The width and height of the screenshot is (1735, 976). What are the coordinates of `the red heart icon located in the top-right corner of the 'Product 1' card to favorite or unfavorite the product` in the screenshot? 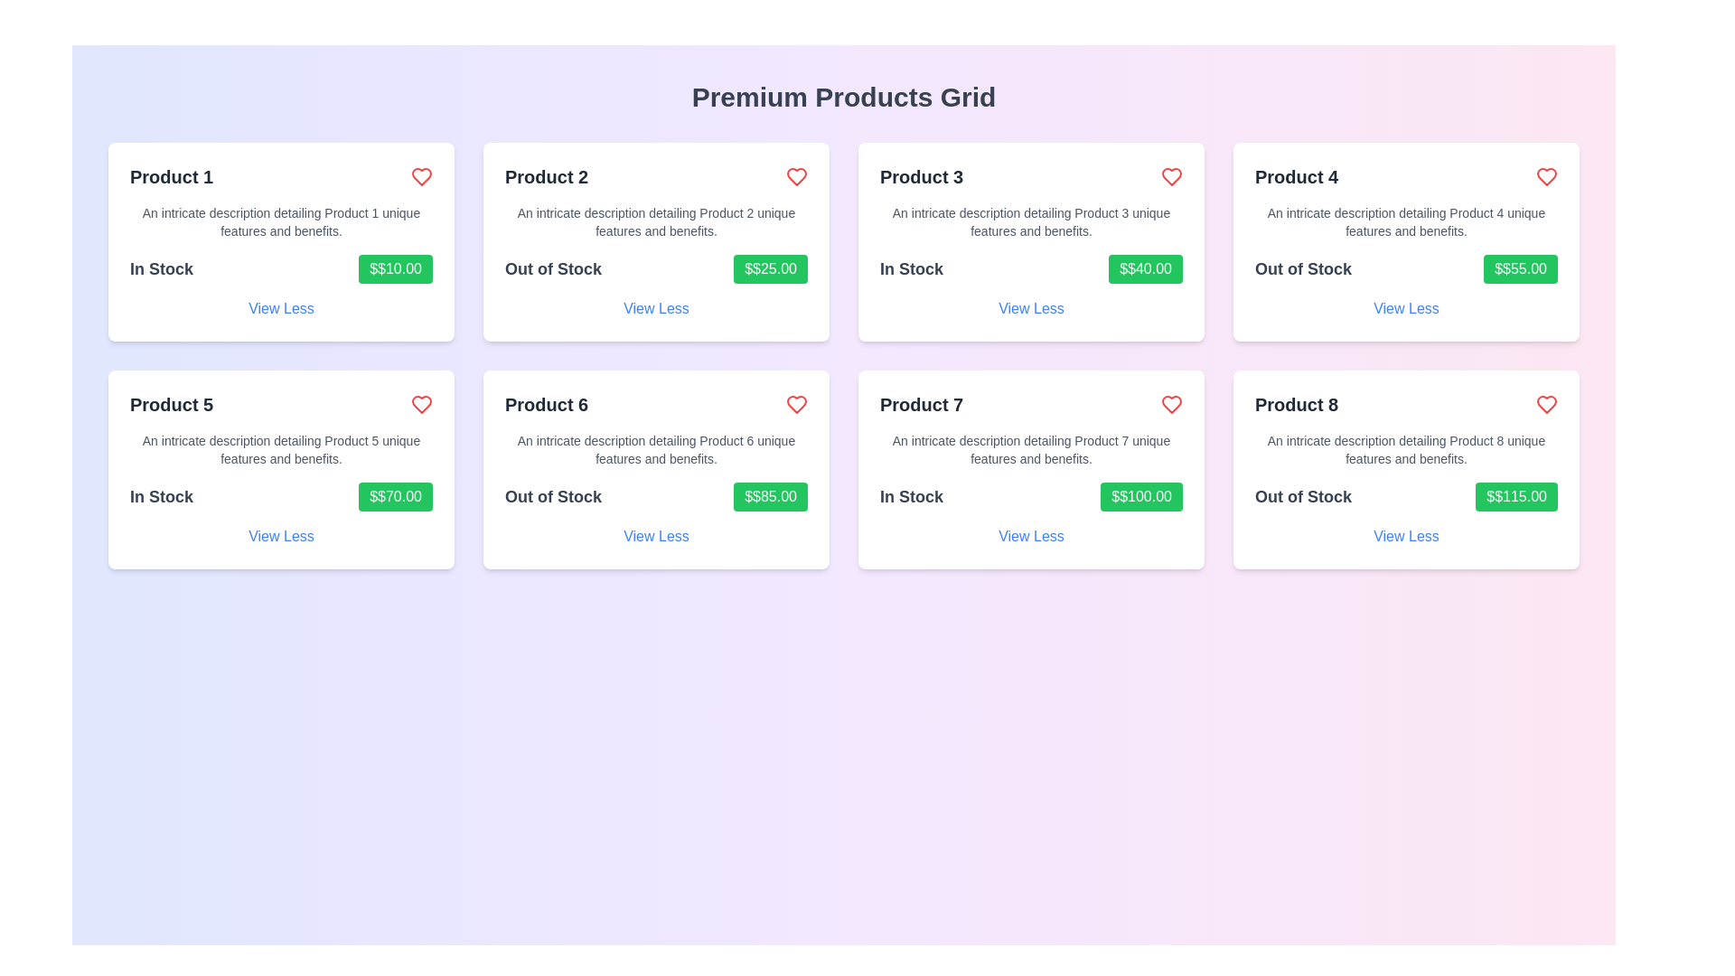 It's located at (420, 177).